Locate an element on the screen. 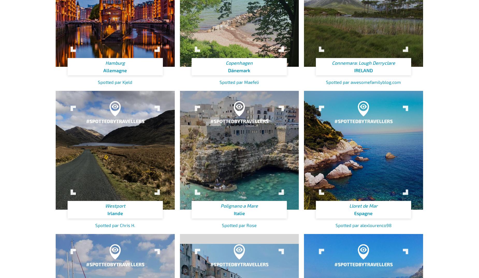  'Italie' is located at coordinates (239, 213).